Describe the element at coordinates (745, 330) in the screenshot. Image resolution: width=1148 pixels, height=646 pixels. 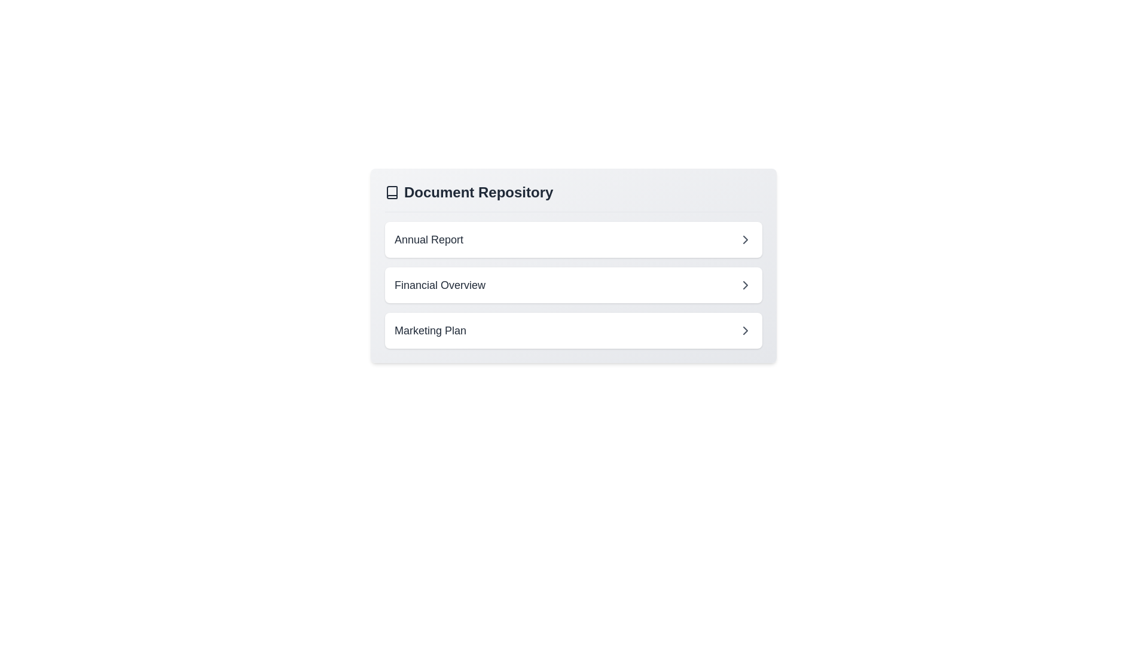
I see `the right-pointing chevron icon next to the 'Marketing Plan' text to observe any interactive effects` at that location.